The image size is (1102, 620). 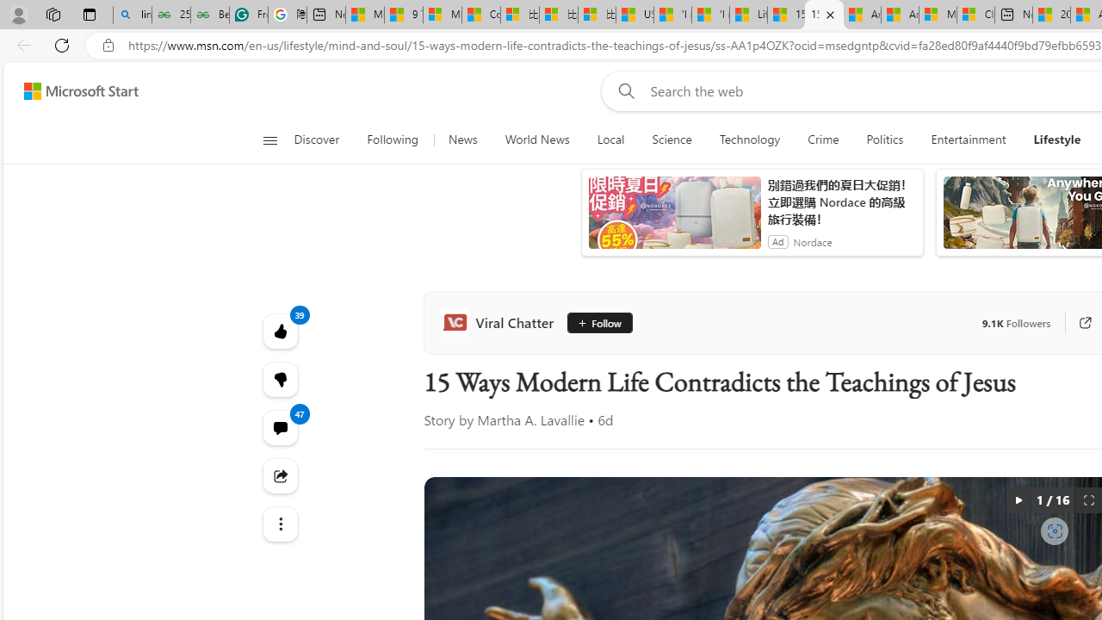 What do you see at coordinates (208, 15) in the screenshot?
I see `'Best SSL Certificates Provider in India - GeeksforGeeks'` at bounding box center [208, 15].